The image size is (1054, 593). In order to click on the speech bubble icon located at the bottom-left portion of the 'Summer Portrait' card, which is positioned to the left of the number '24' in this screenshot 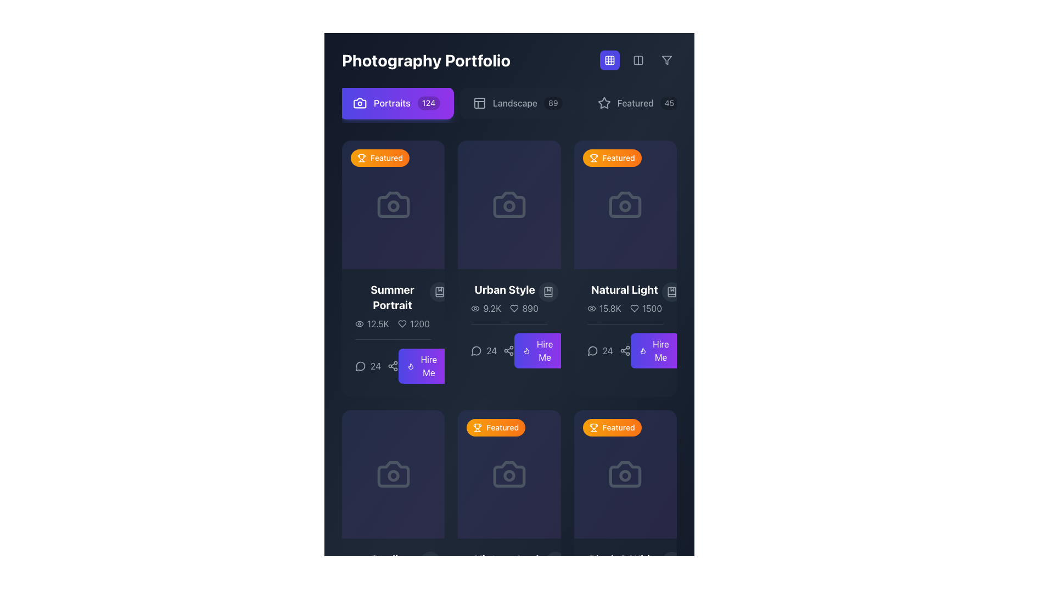, I will do `click(361, 366)`.